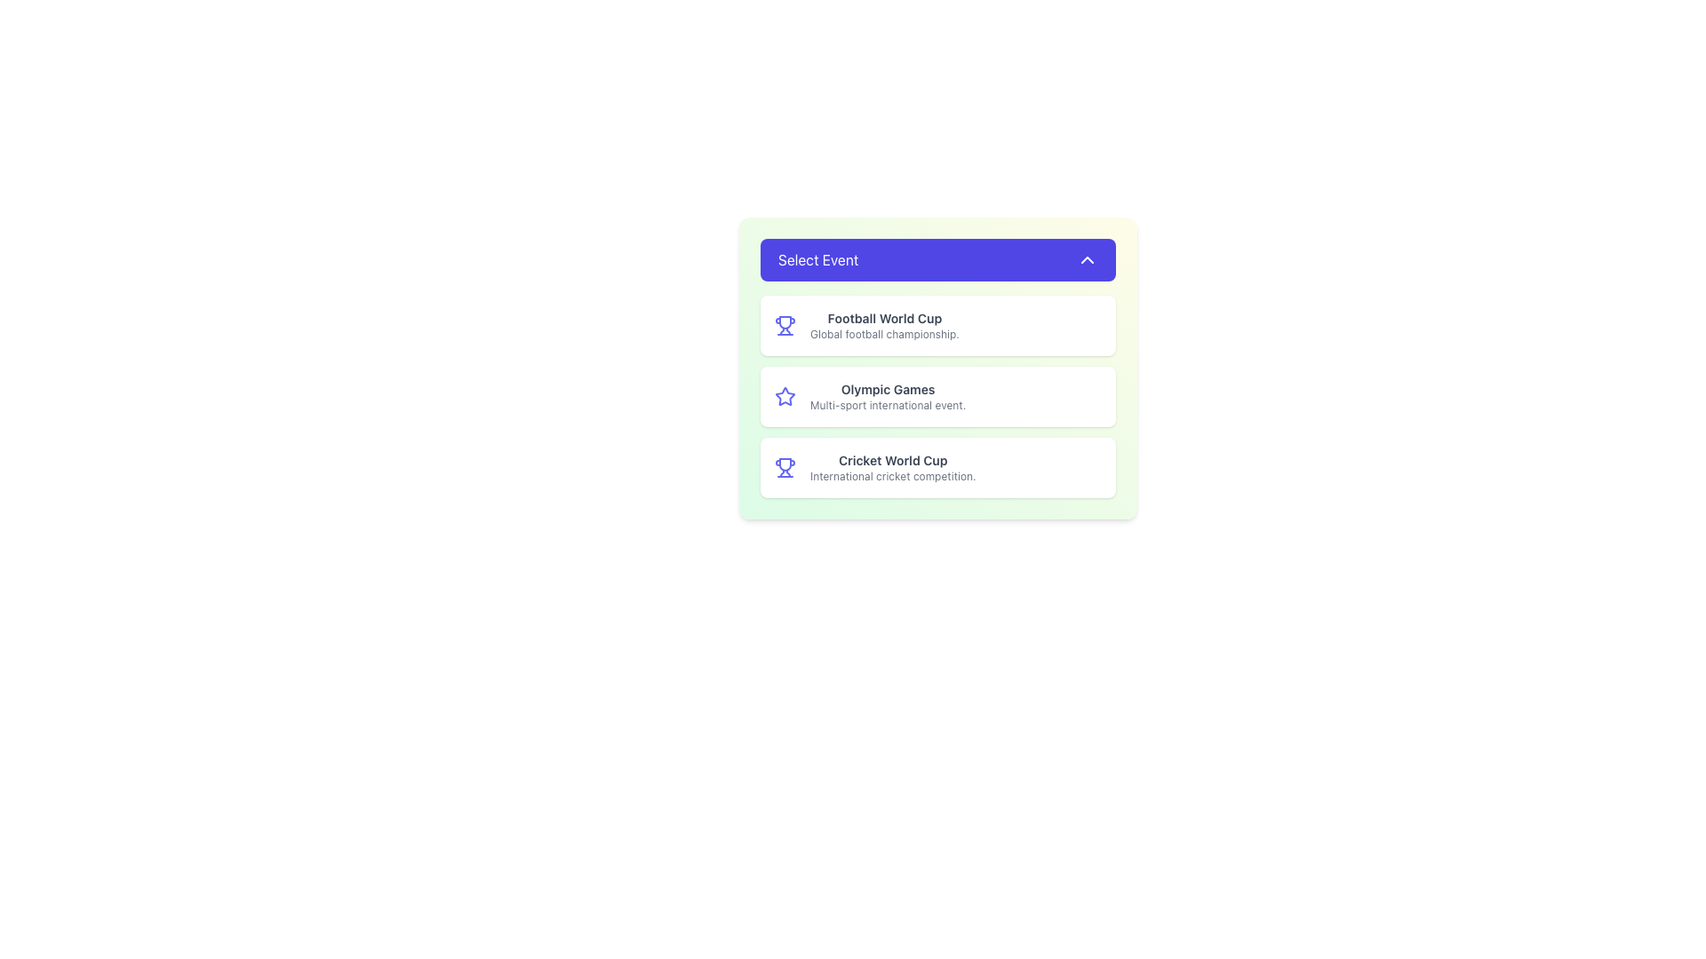  Describe the element at coordinates (884, 335) in the screenshot. I see `the small text label stating 'Global football championship.' located below the 'Football World Cup' title within the event selection card layout` at that location.